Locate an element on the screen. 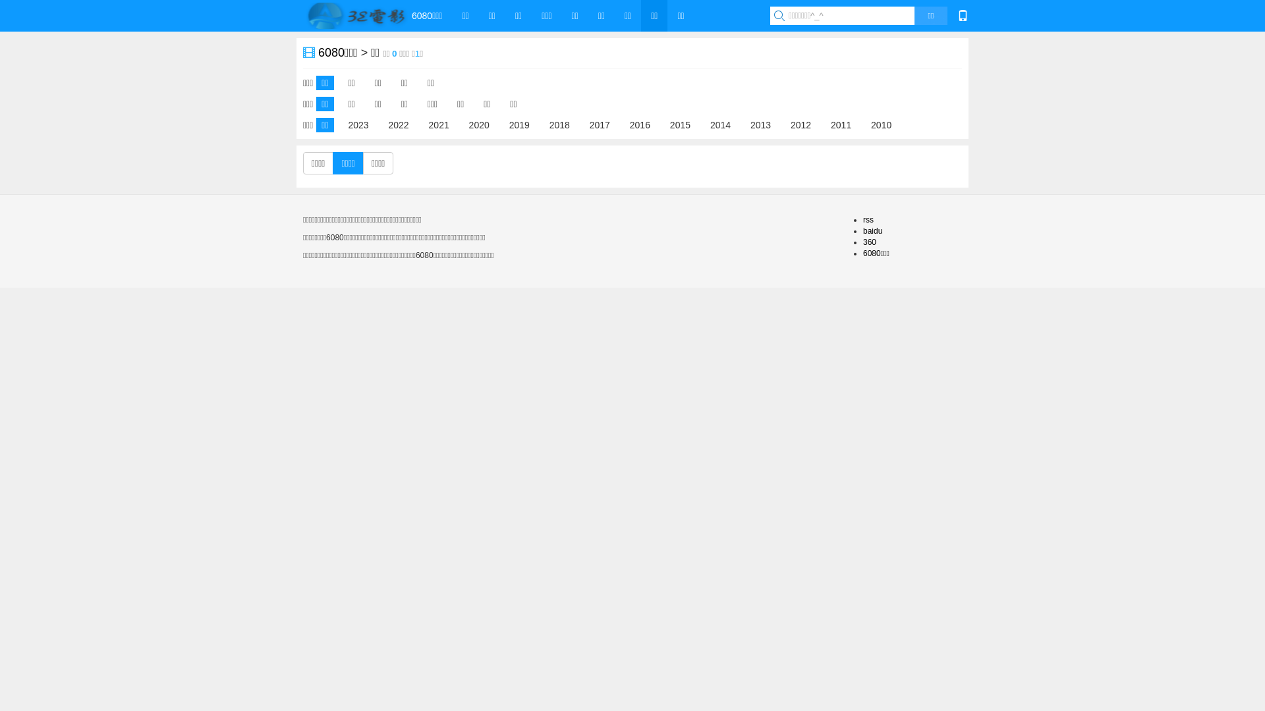 Image resolution: width=1265 pixels, height=711 pixels. '2012' is located at coordinates (785, 124).